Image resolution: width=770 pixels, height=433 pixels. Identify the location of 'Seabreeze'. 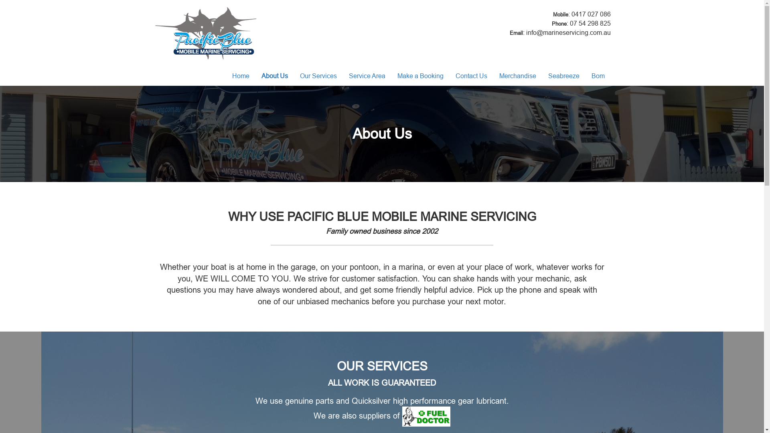
(563, 76).